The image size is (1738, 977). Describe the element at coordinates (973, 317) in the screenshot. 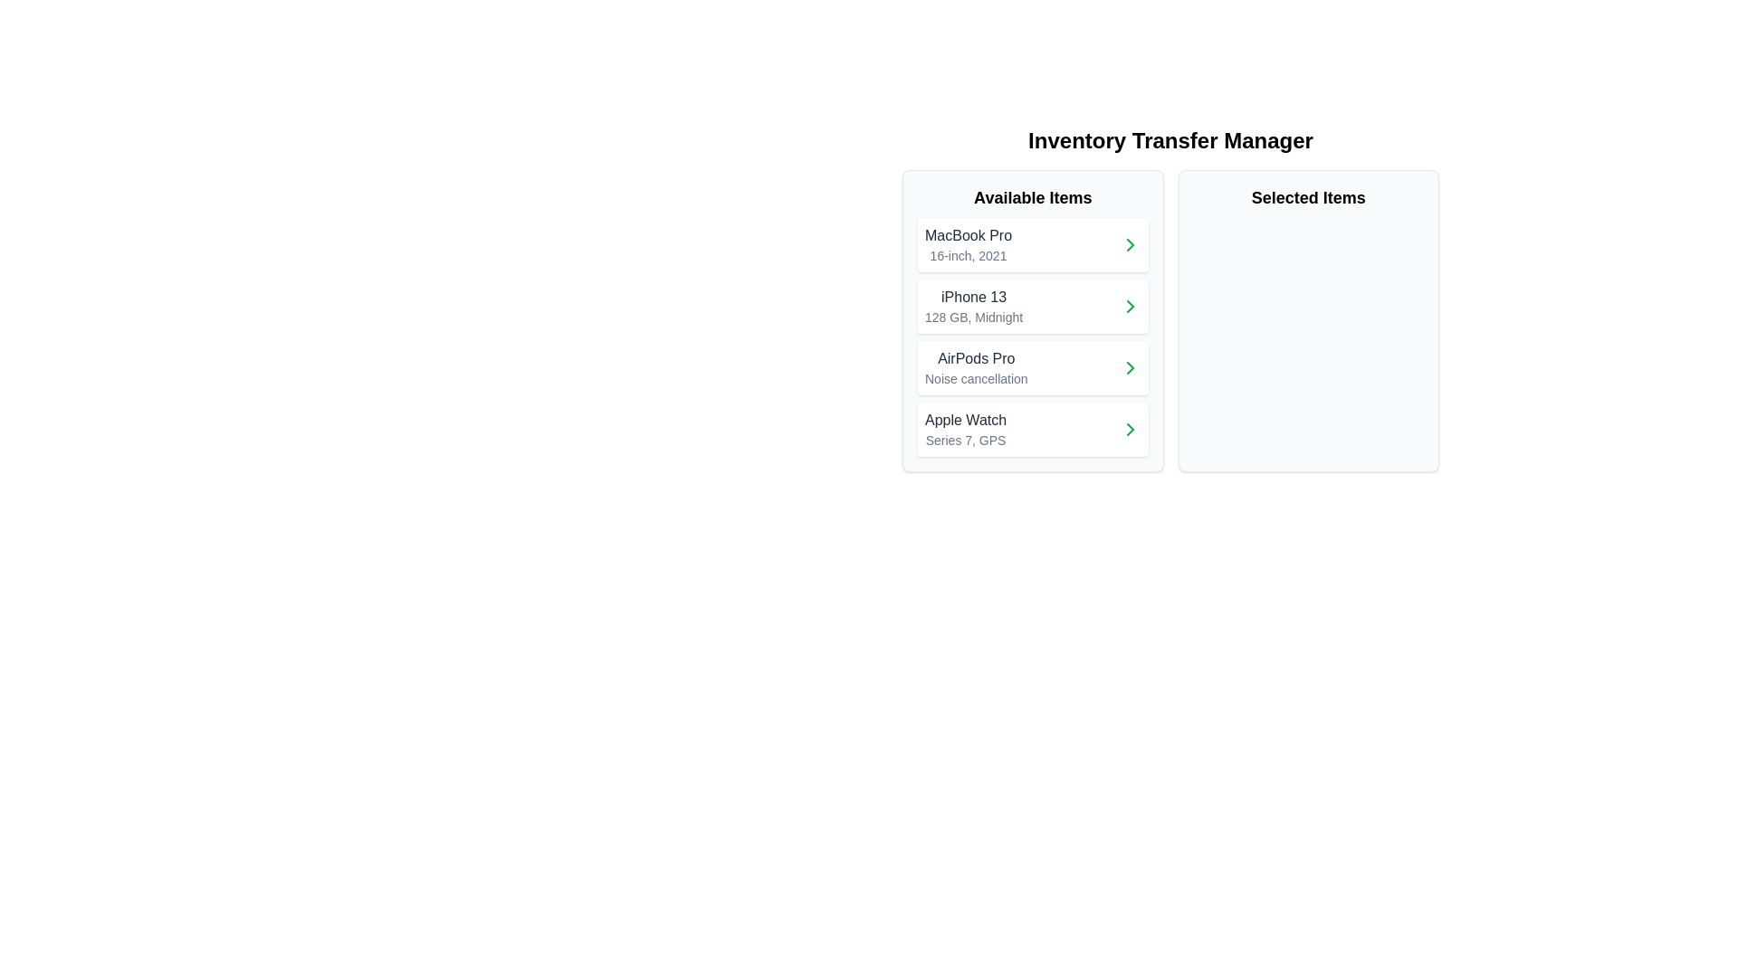

I see `the text label displaying '128 GB, Midnight', which is styled in gray and positioned directly below 'iPhone 13' in the 'Available Items' section` at that location.